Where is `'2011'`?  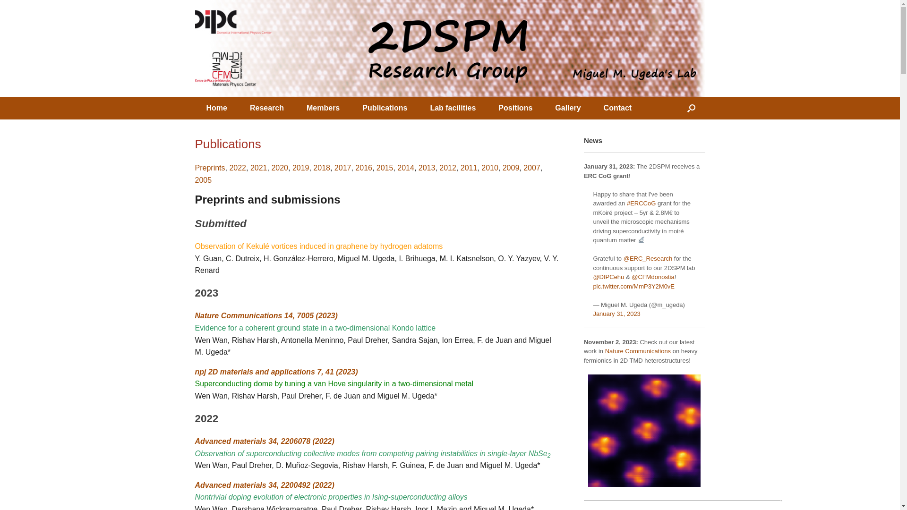 '2011' is located at coordinates (469, 167).